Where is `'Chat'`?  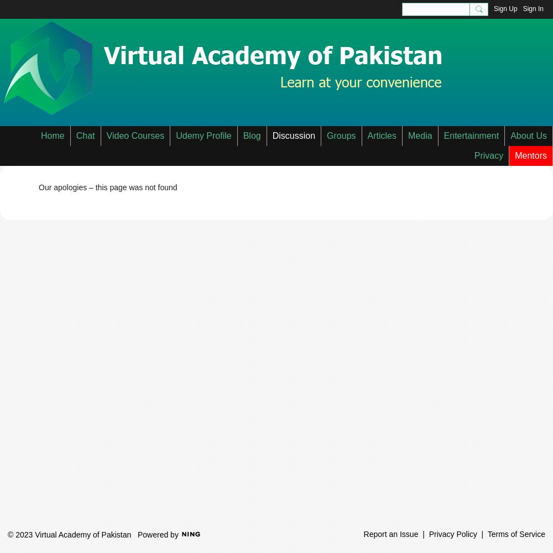 'Chat' is located at coordinates (85, 135).